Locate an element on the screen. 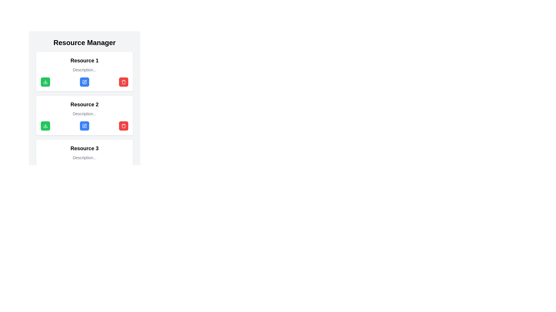  the green button with a downward arrow icon in the top-left corner of the 'Resource 1' card is located at coordinates (45, 82).